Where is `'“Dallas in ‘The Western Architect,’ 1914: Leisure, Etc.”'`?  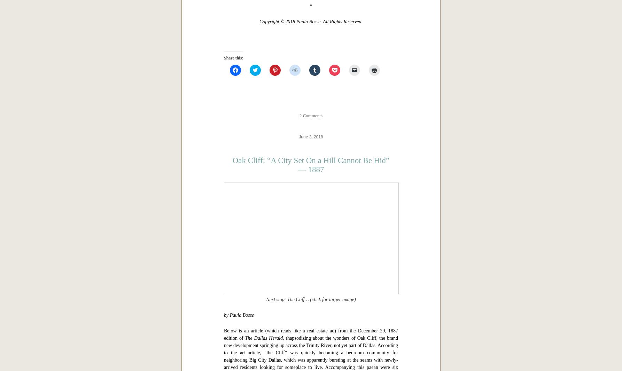 '“Dallas in ‘The Western Architect,’ 1914: Leisure, Etc.”' is located at coordinates (289, 201).